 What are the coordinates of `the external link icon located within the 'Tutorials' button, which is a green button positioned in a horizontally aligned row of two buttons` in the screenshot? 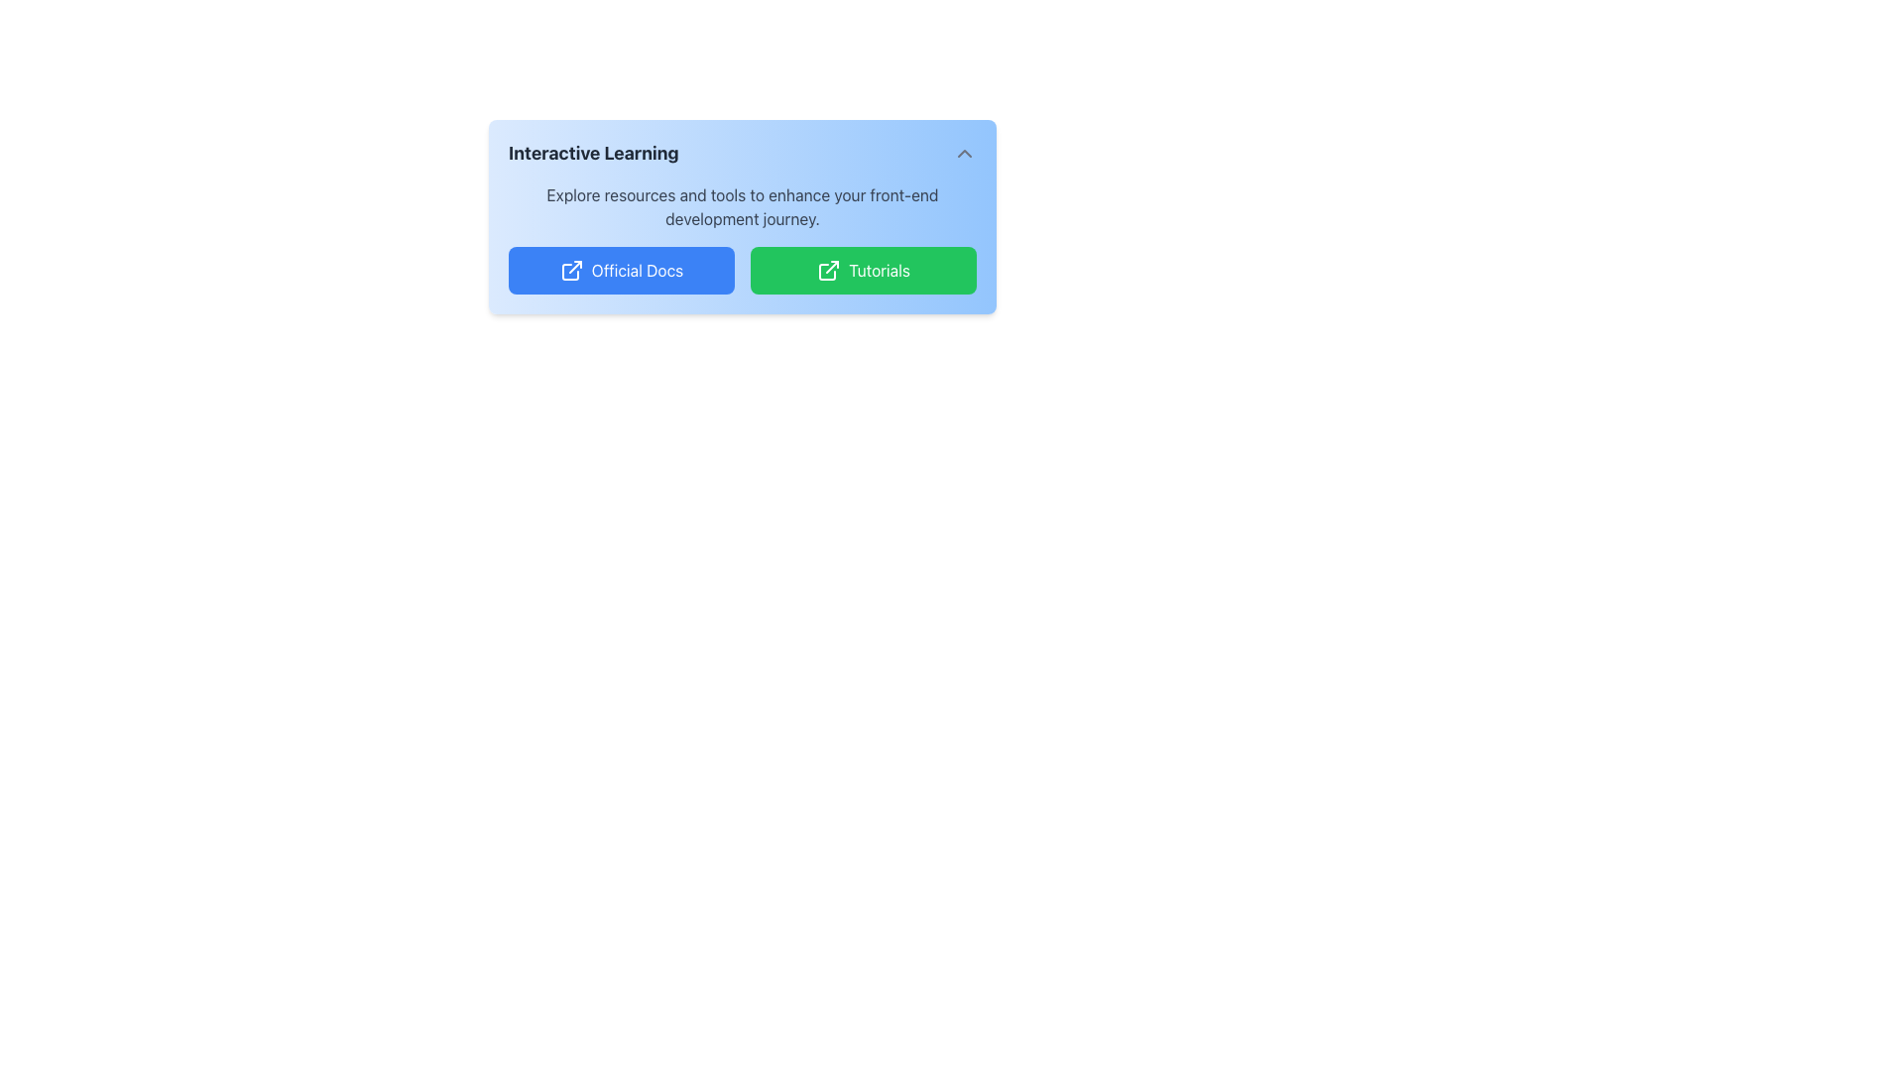 It's located at (828, 271).